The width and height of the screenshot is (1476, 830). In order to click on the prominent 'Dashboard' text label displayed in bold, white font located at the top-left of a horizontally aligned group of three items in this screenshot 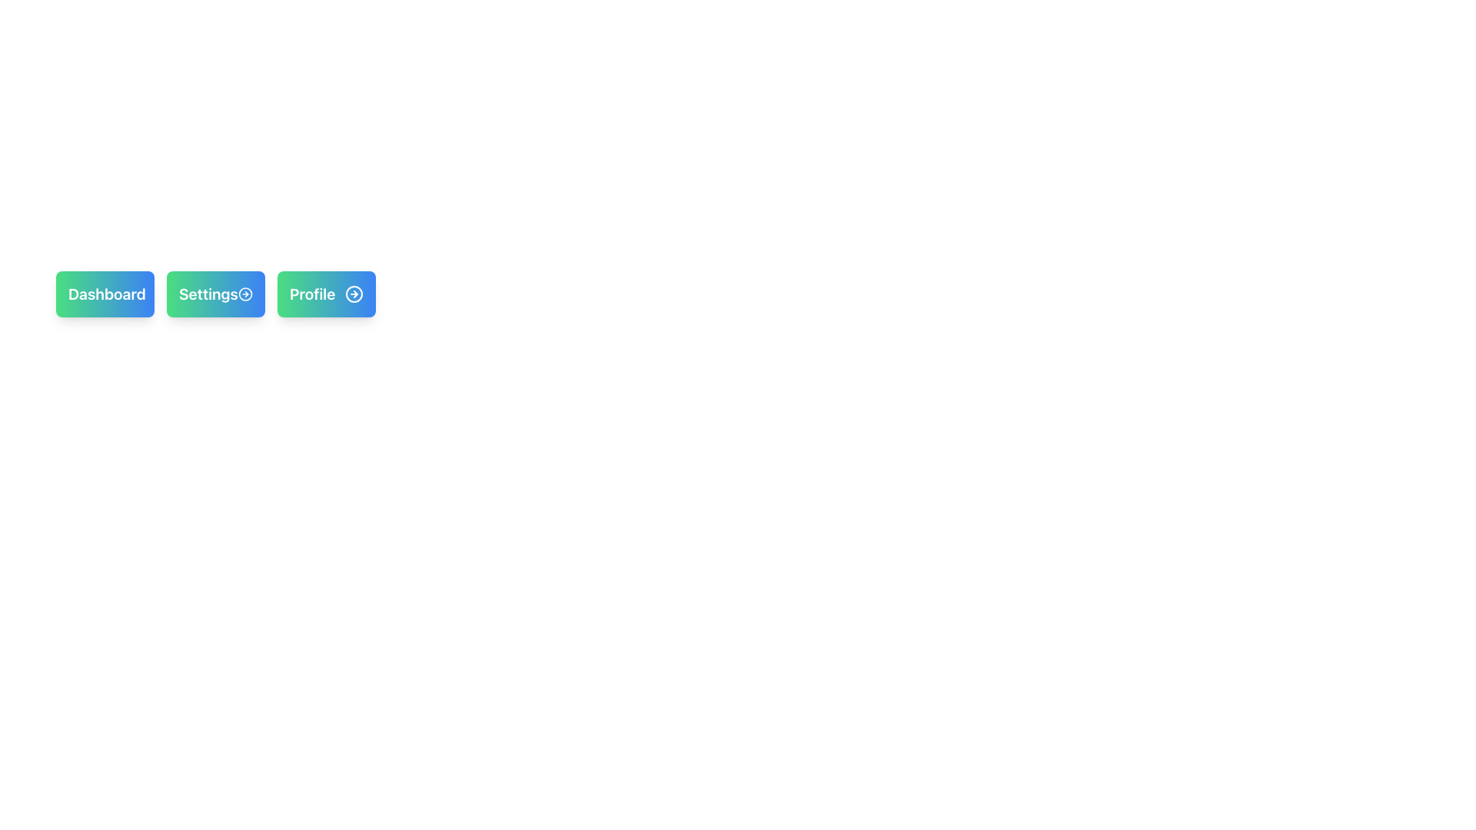, I will do `click(106, 294)`.